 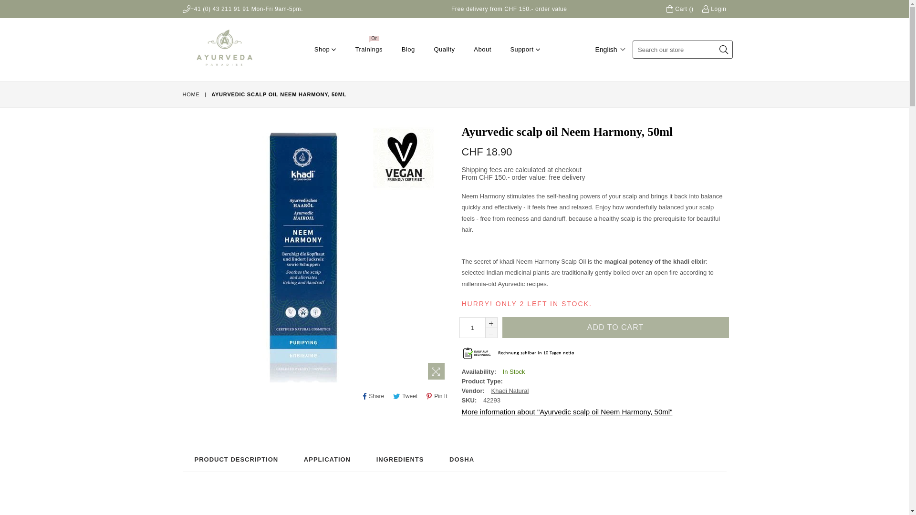 What do you see at coordinates (327, 459) in the screenshot?
I see `'APPLICATION'` at bounding box center [327, 459].